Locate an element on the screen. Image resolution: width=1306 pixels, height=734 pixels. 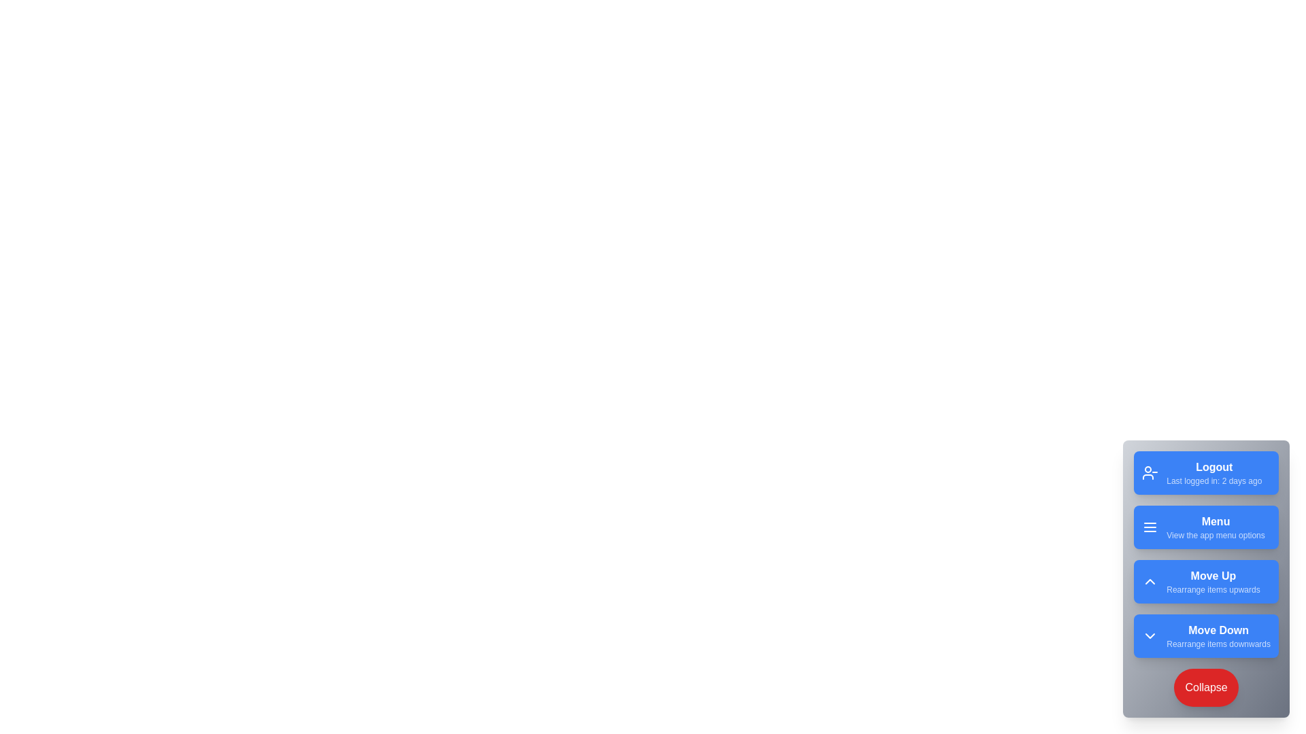
the red 'Collapse' button with white text to observe its hover effect is located at coordinates (1206, 687).